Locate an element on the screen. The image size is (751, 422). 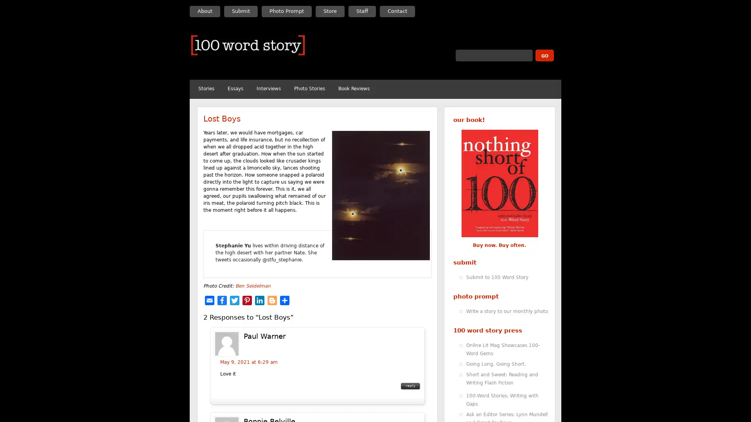
submit is located at coordinates (544, 55).